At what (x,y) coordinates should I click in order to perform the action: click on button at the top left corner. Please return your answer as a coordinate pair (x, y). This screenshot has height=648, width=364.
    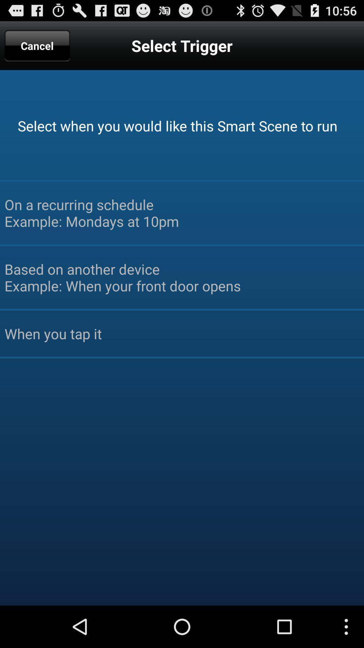
    Looking at the image, I should click on (37, 45).